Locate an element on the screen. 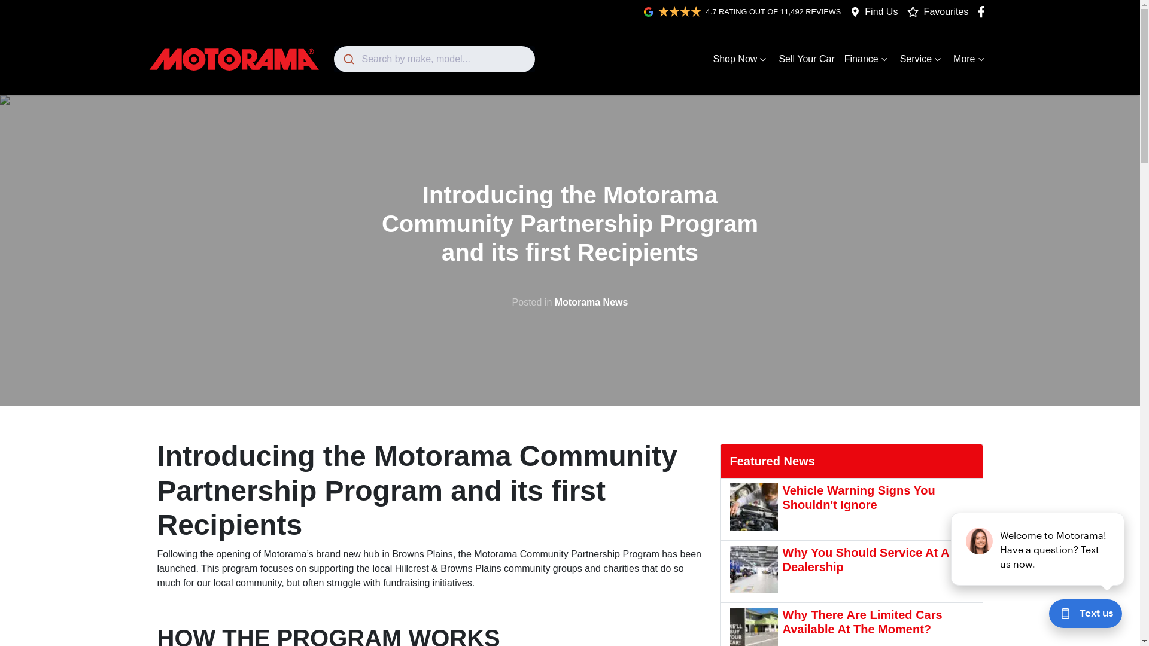  'Vehicle Warning Signs You Shouldn't Ignore' is located at coordinates (729, 509).